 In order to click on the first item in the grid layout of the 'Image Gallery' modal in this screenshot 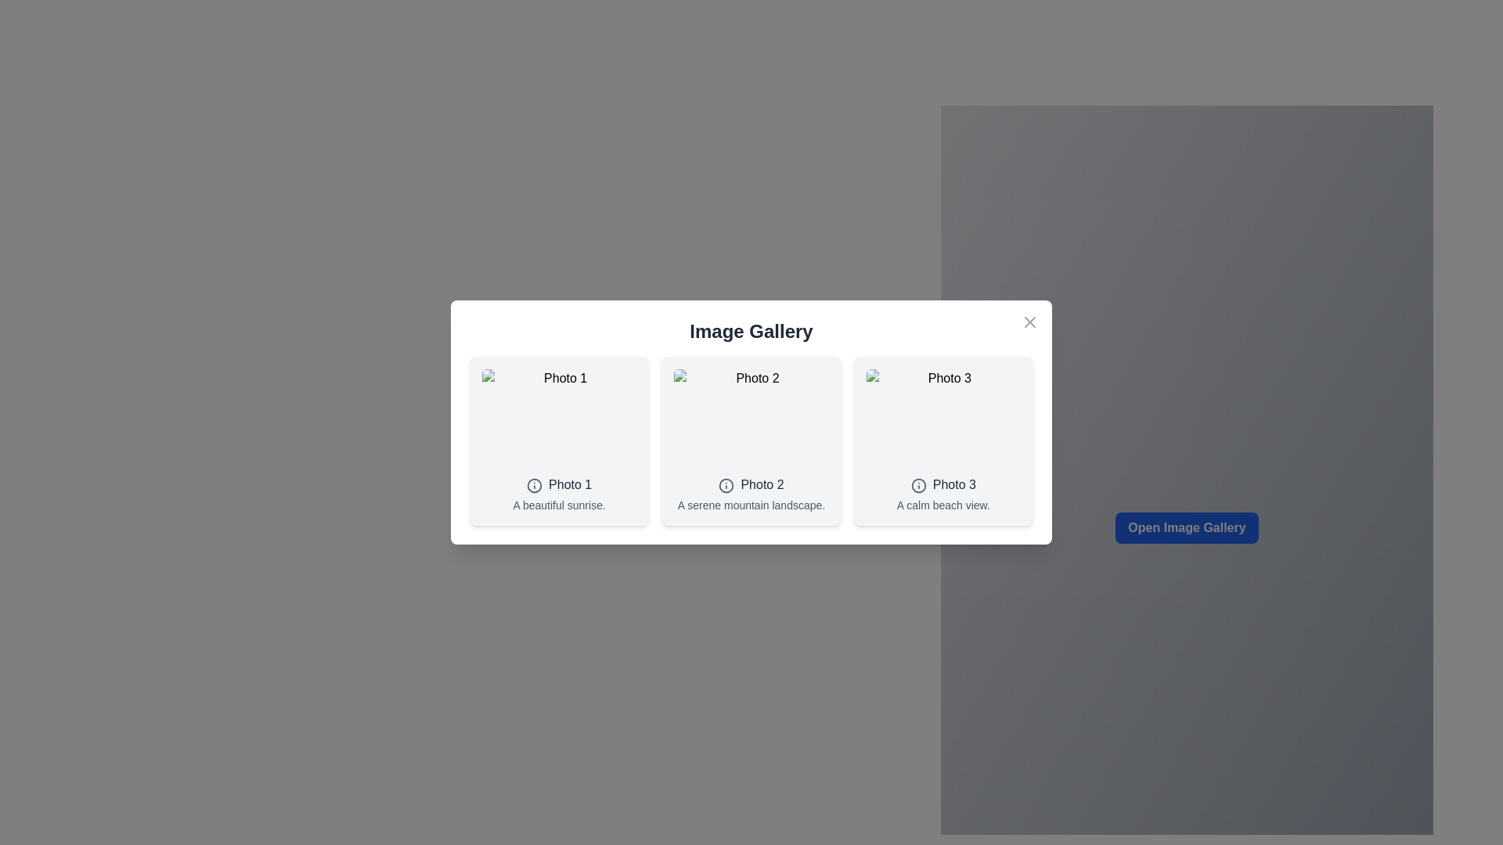, I will do `click(751, 440)`.